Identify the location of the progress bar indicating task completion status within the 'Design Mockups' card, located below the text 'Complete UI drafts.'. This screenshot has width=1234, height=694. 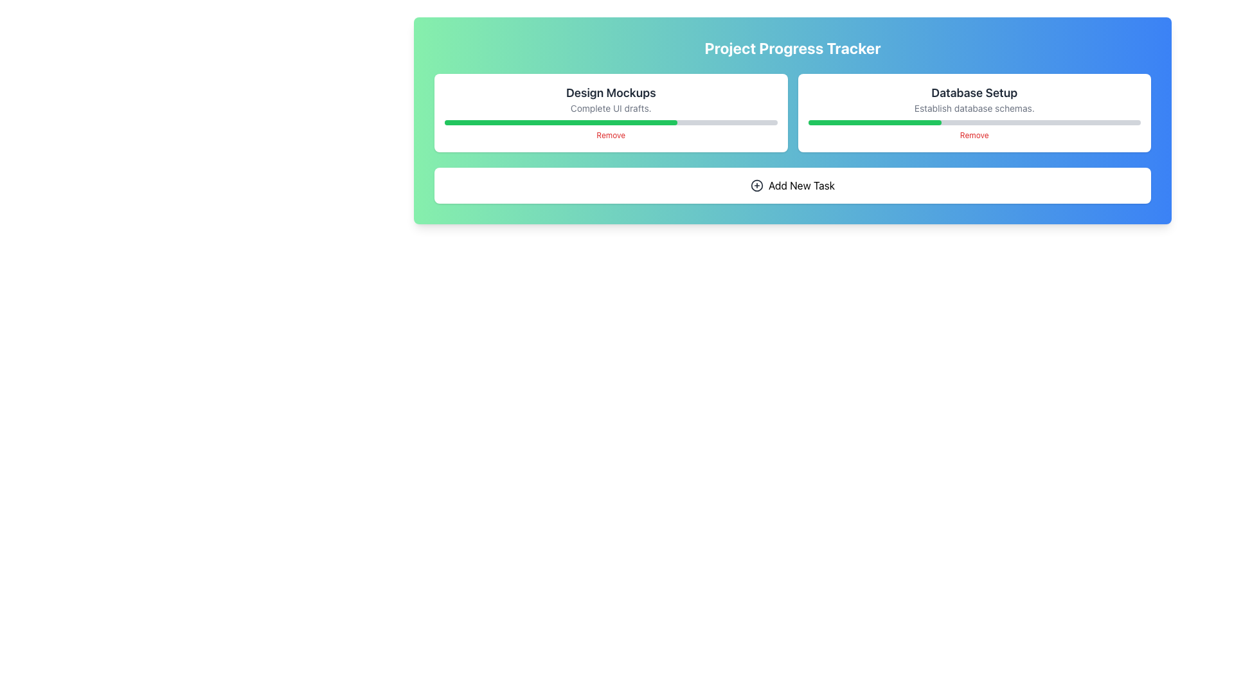
(610, 123).